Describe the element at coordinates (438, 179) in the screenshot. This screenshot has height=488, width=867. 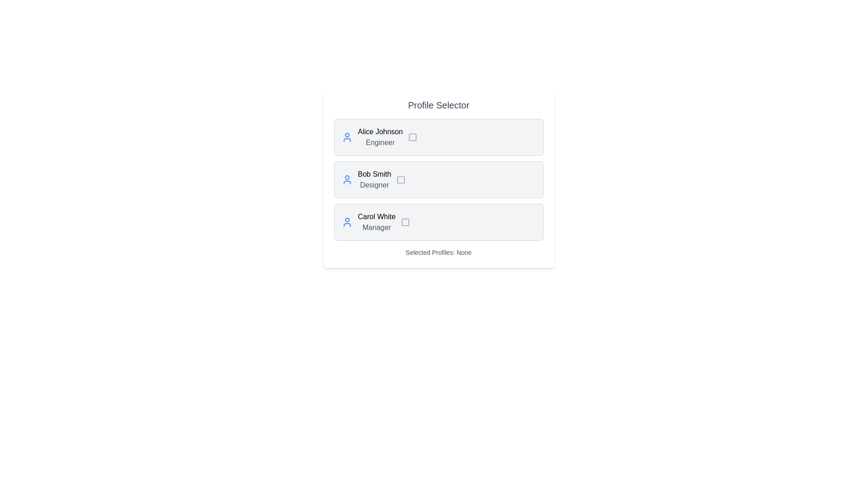
I see `the profile card corresponding to Bob Smith` at that location.